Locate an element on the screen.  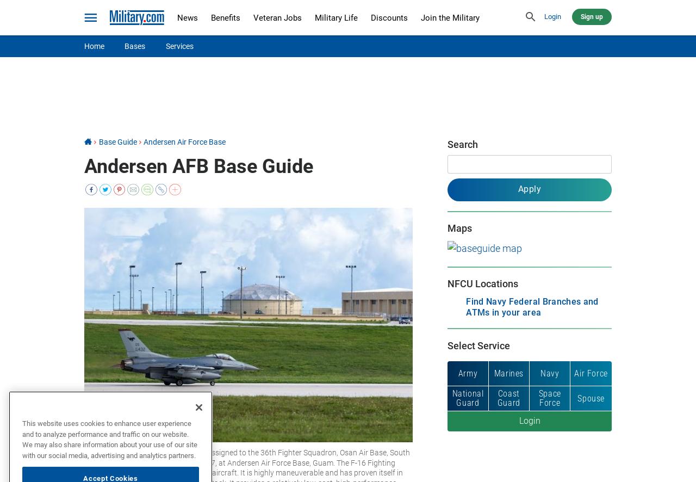
'Search' is located at coordinates (462, 144).